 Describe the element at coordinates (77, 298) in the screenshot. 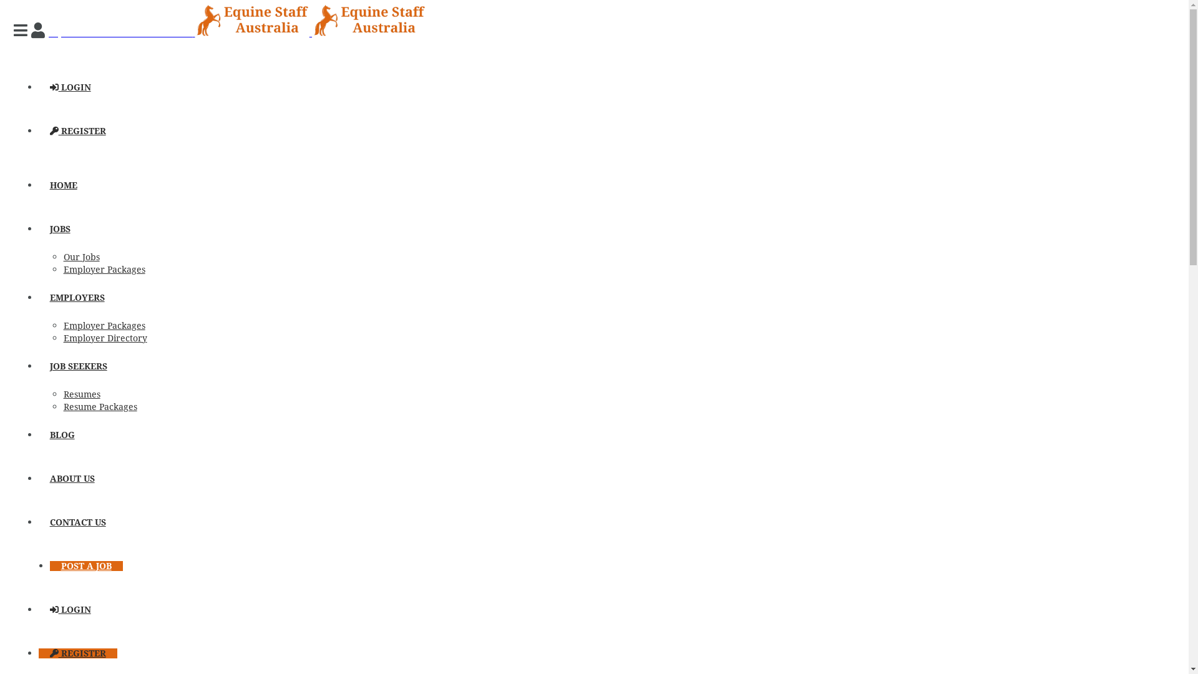

I see `'EMPLOYERS'` at that location.